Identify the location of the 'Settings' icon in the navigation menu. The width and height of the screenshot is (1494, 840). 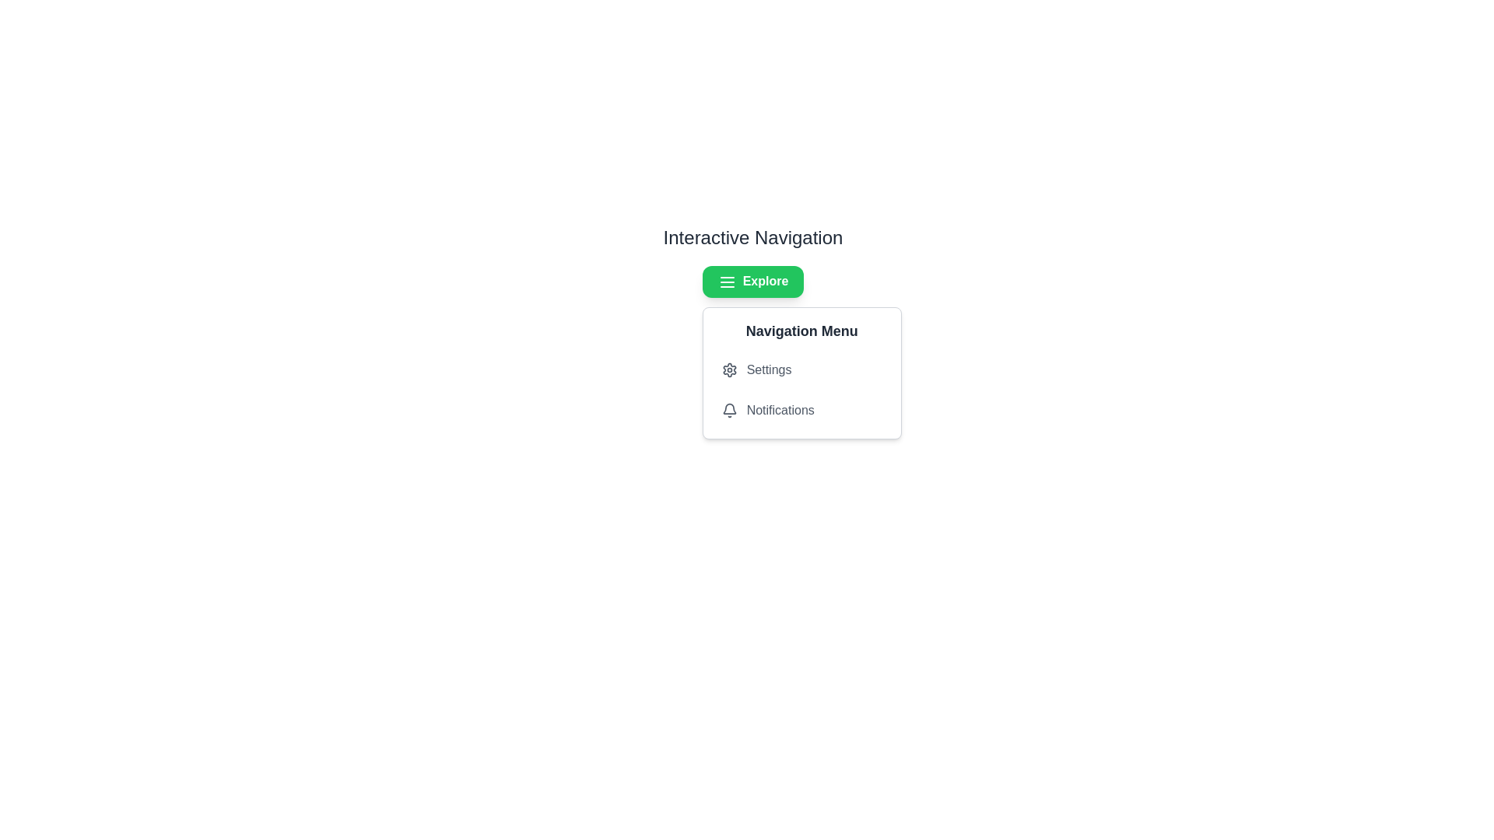
(728, 369).